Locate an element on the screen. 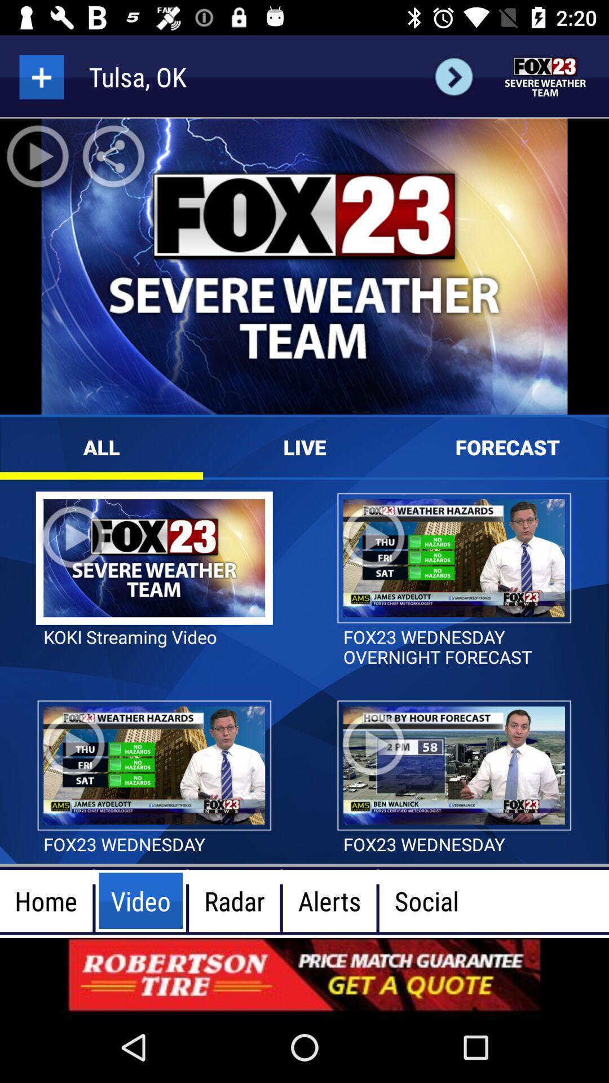 The image size is (609, 1083). app logo is located at coordinates (545, 76).